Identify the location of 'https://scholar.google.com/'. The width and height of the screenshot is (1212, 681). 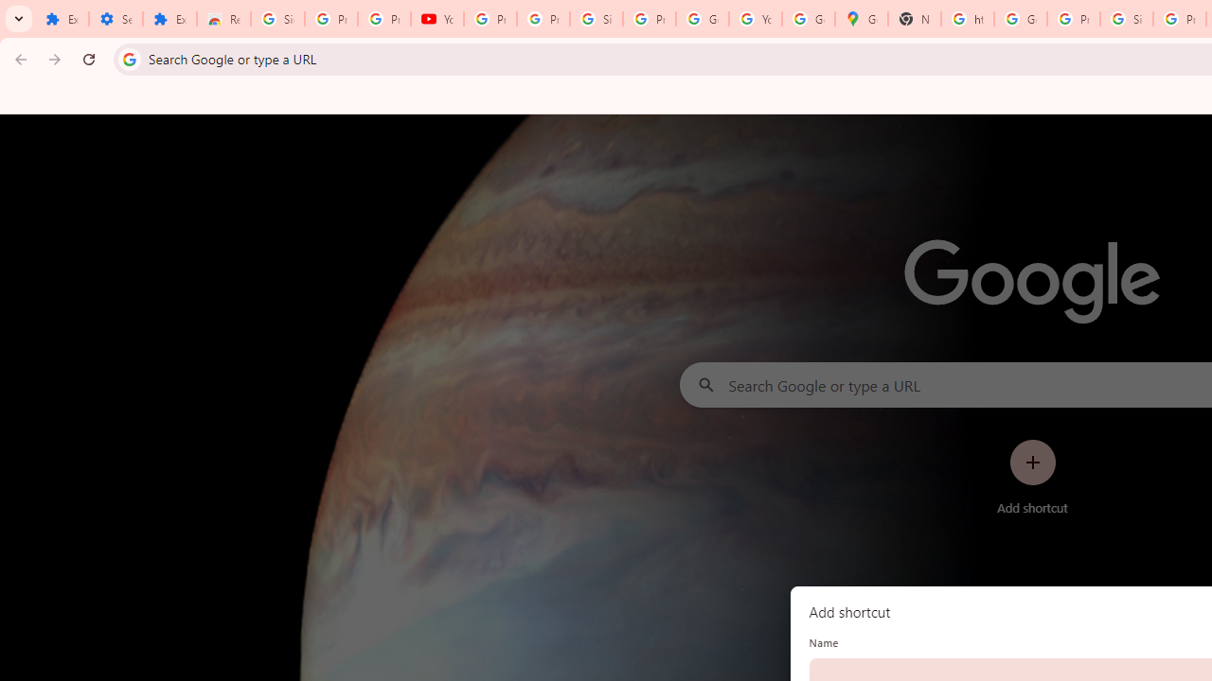
(968, 19).